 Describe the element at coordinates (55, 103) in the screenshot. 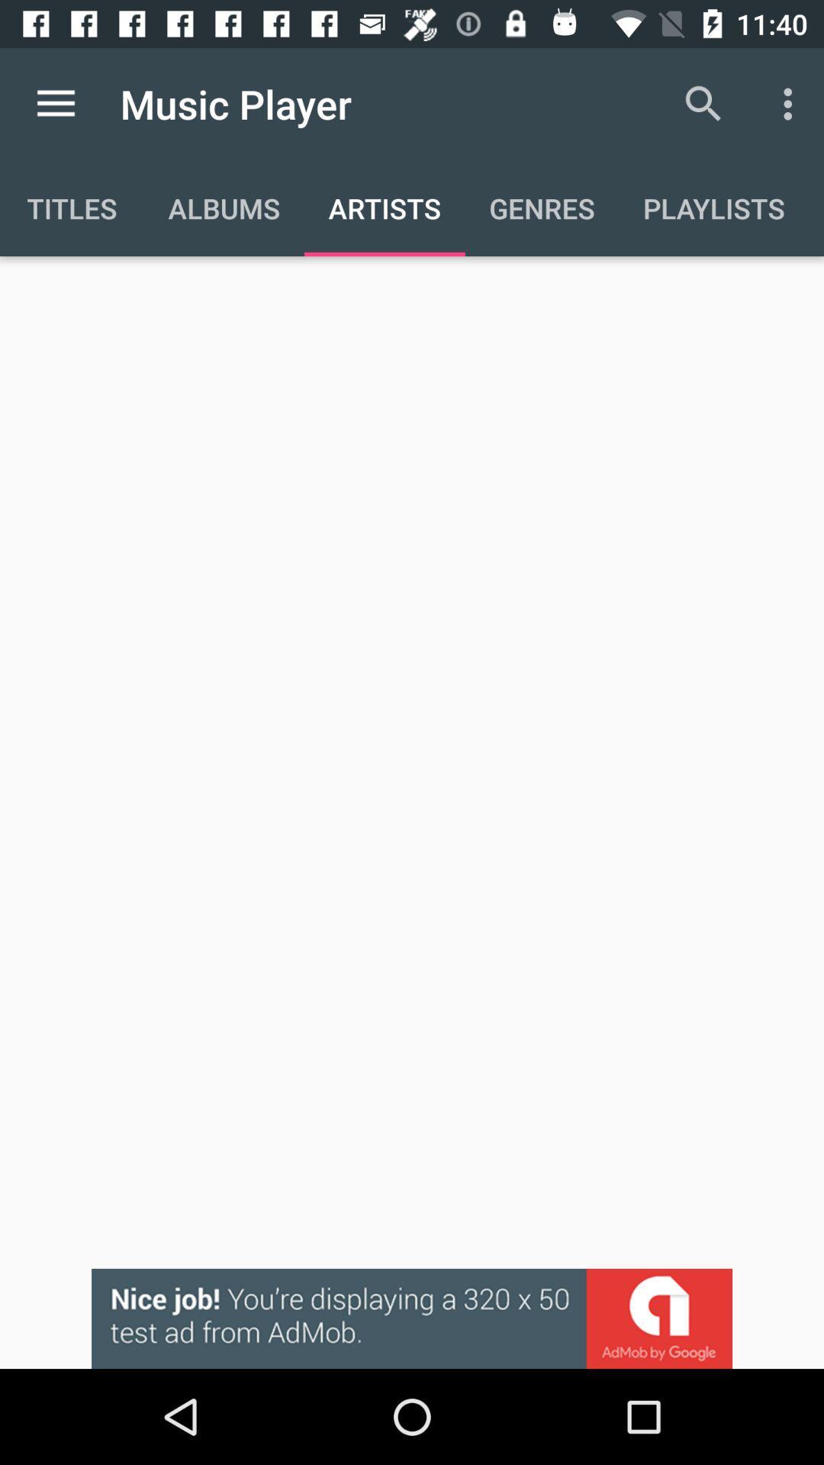

I see `open menu` at that location.